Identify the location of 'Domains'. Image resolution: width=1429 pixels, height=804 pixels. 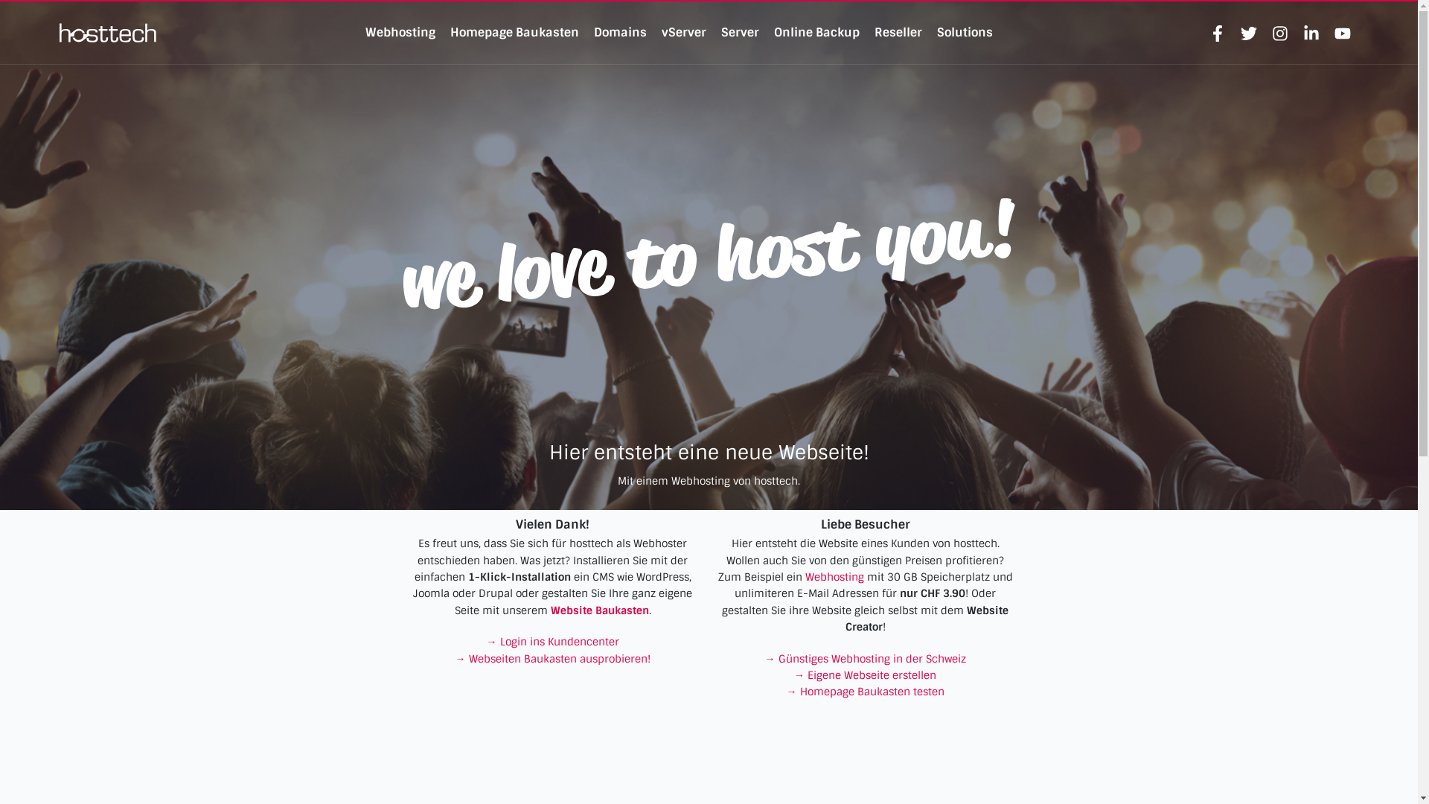
(620, 32).